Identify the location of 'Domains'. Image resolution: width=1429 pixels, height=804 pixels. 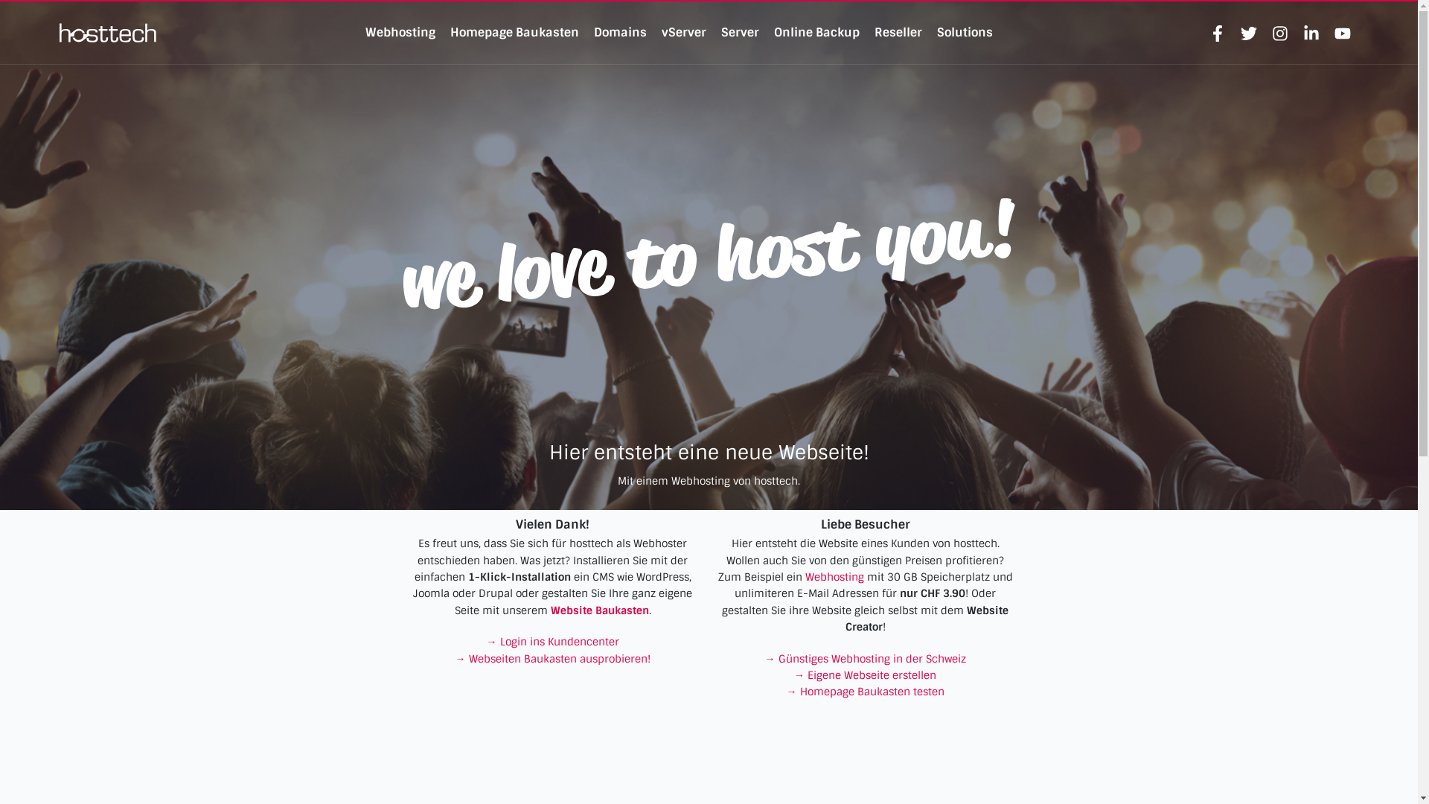
(620, 32).